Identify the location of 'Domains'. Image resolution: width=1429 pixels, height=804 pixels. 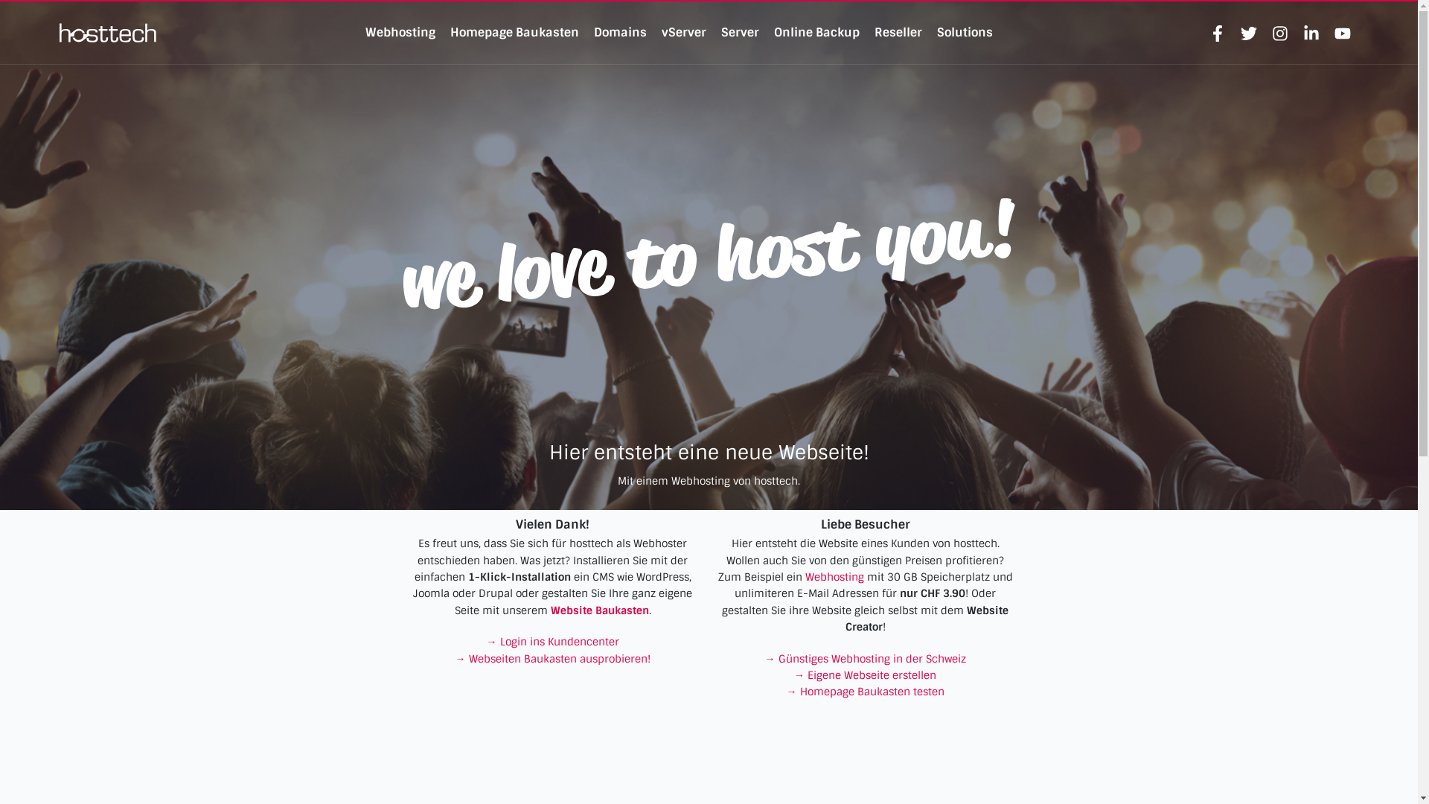
(620, 32).